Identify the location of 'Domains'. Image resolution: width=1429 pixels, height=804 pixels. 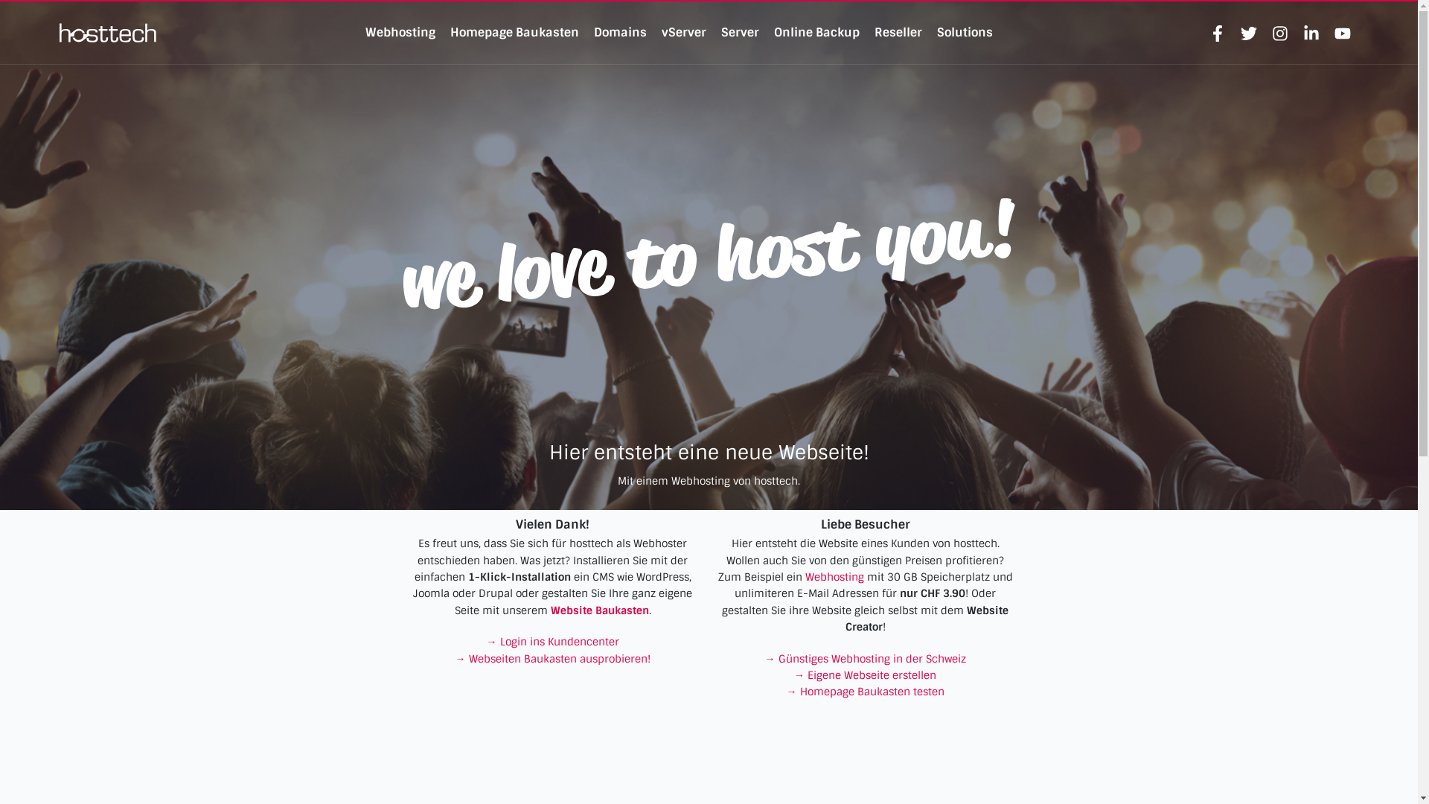
(620, 32).